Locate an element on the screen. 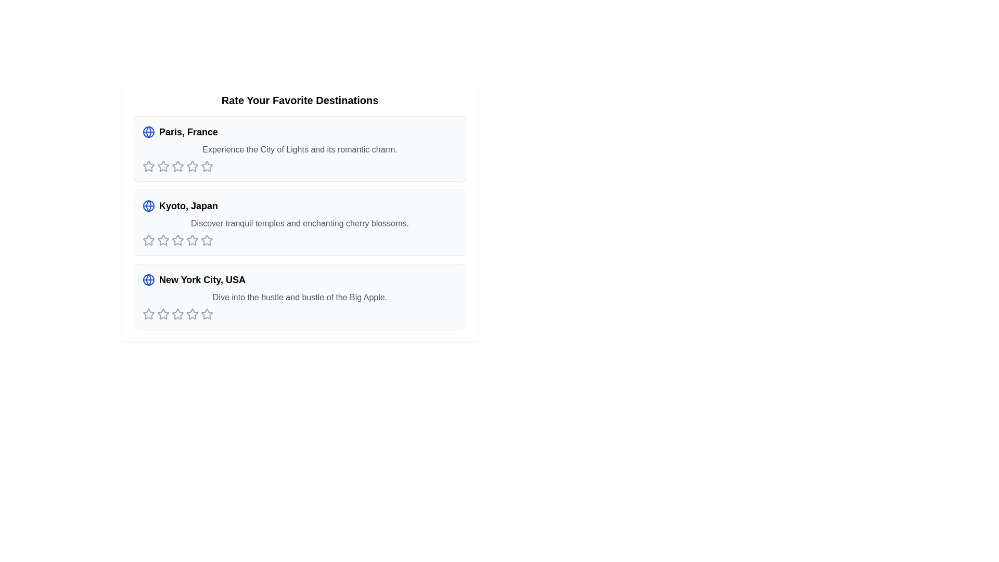 This screenshot has width=999, height=562. the fourth star in the rating system under the 'New York City, USA' section is located at coordinates (177, 314).